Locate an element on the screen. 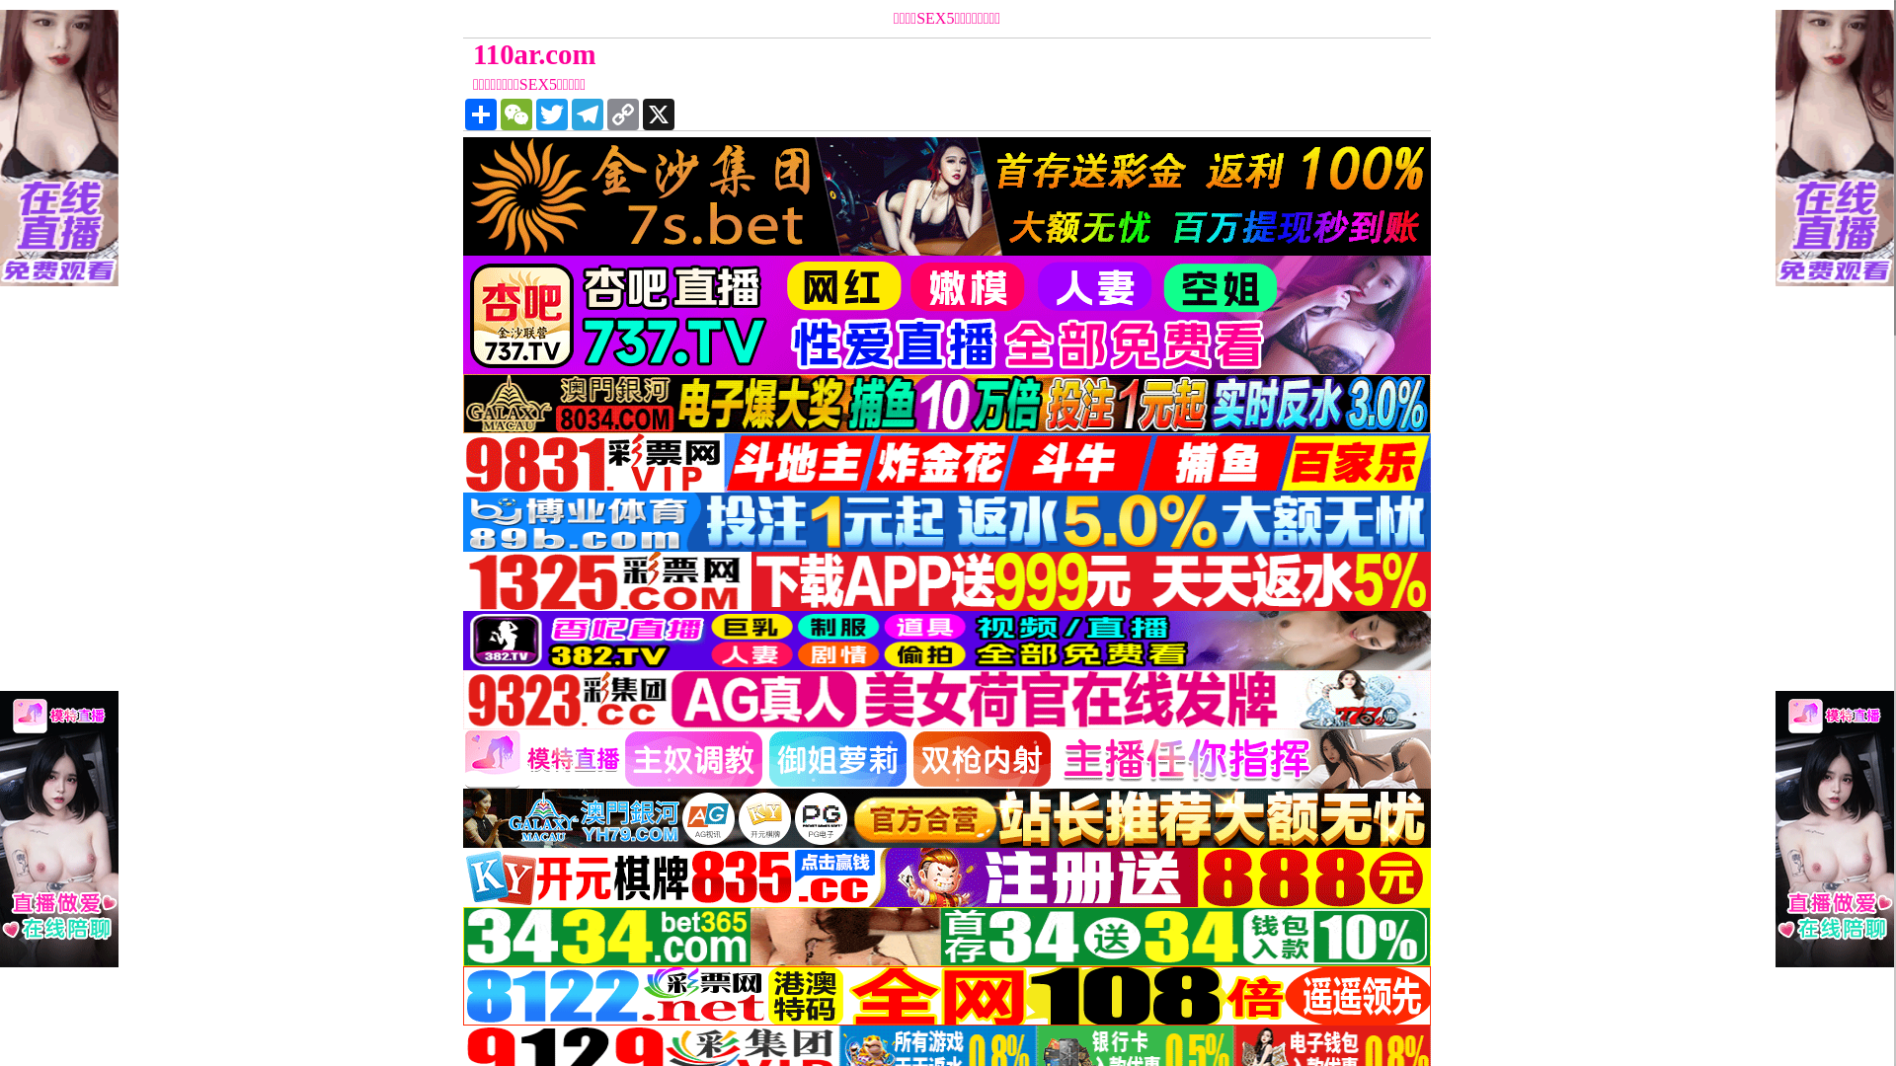 This screenshot has height=1066, width=1896. 'X' is located at coordinates (659, 114).